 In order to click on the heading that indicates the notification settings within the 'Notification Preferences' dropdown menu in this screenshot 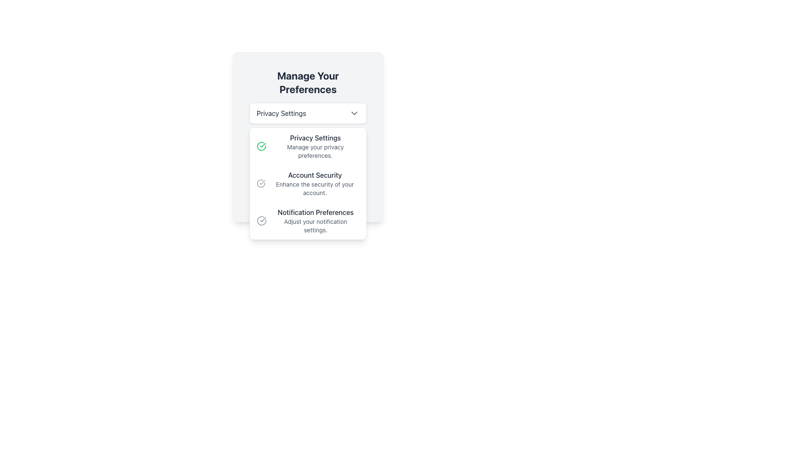, I will do `click(315, 212)`.